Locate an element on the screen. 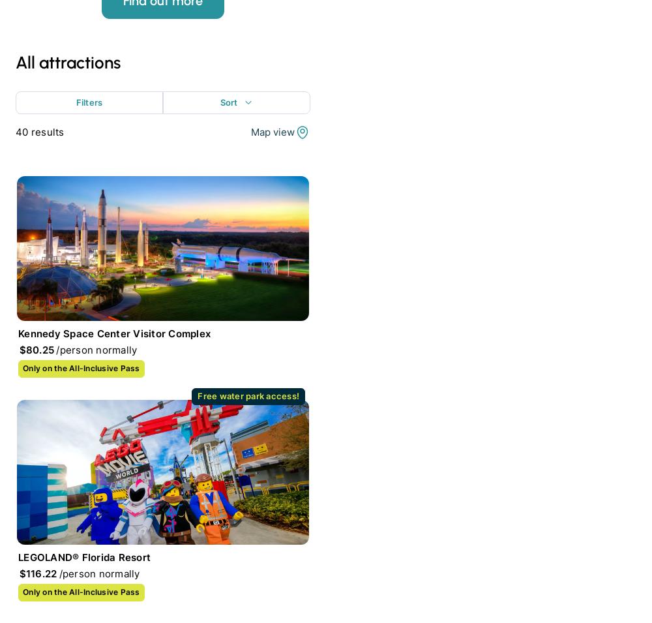 Image resolution: width=652 pixels, height=623 pixels. 'Your Destination' is located at coordinates (16, 379).